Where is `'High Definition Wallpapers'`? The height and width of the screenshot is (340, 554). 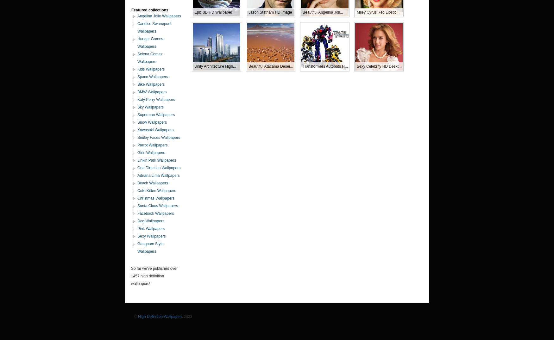 'High Definition Wallpapers' is located at coordinates (160, 316).